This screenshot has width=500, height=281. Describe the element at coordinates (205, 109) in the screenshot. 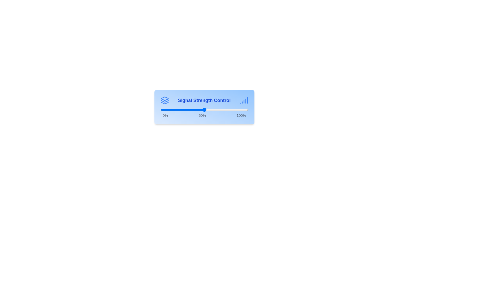

I see `the signal strength slider to 51%` at that location.